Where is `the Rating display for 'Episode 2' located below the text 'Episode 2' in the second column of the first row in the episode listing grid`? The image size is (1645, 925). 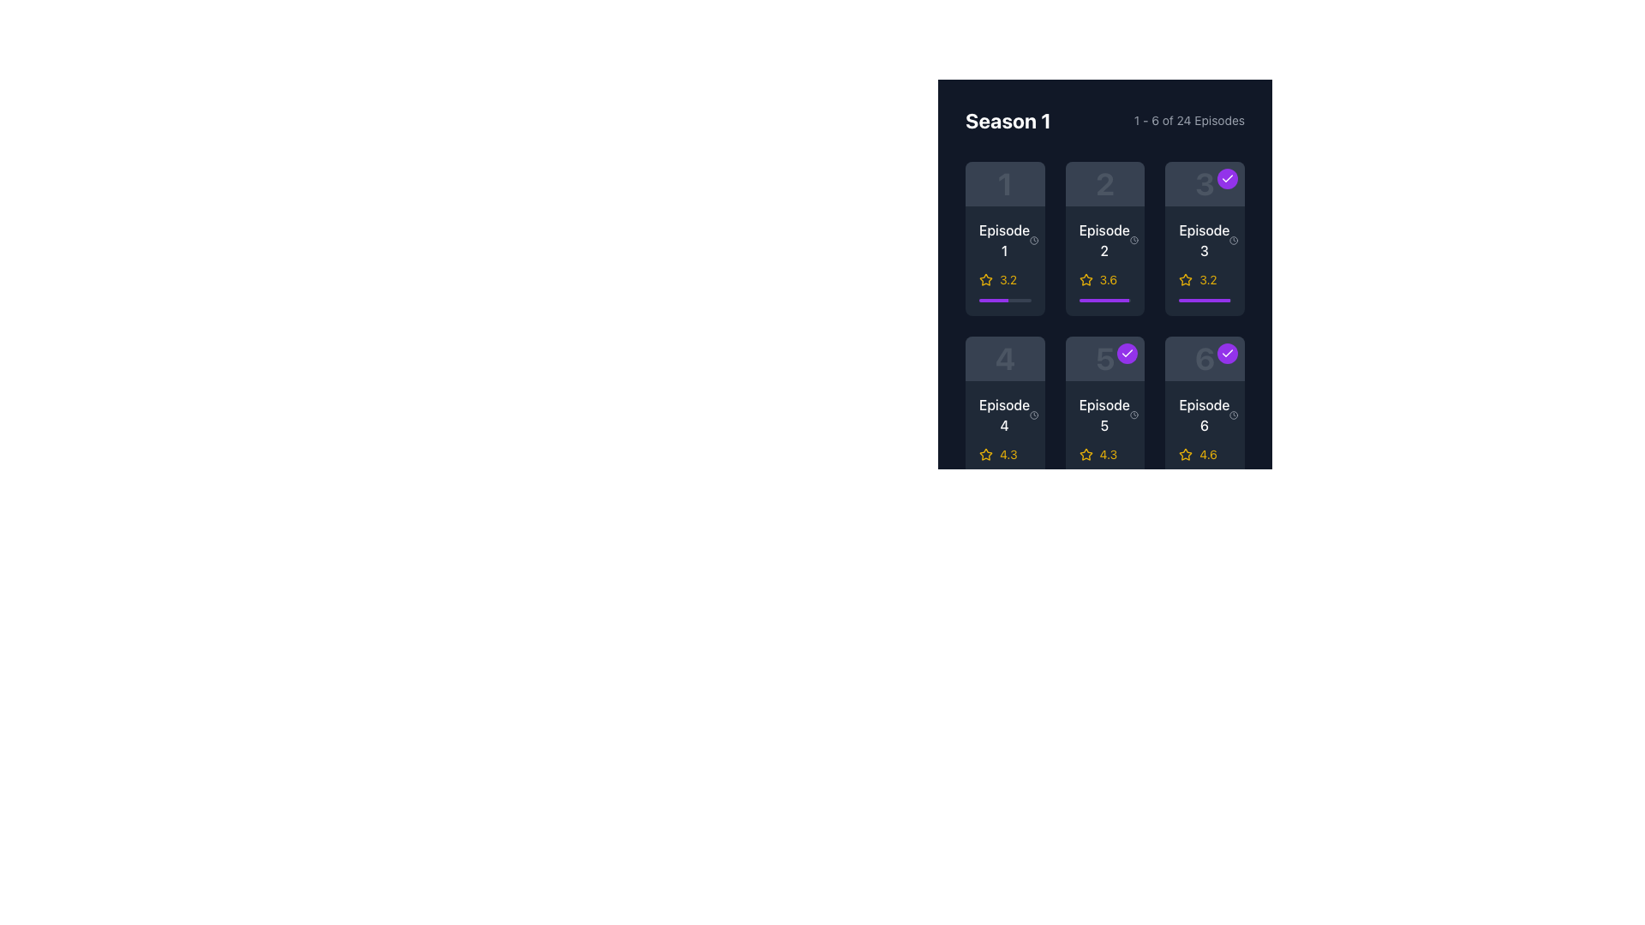 the Rating display for 'Episode 2' located below the text 'Episode 2' in the second column of the first row in the episode listing grid is located at coordinates (1105, 279).